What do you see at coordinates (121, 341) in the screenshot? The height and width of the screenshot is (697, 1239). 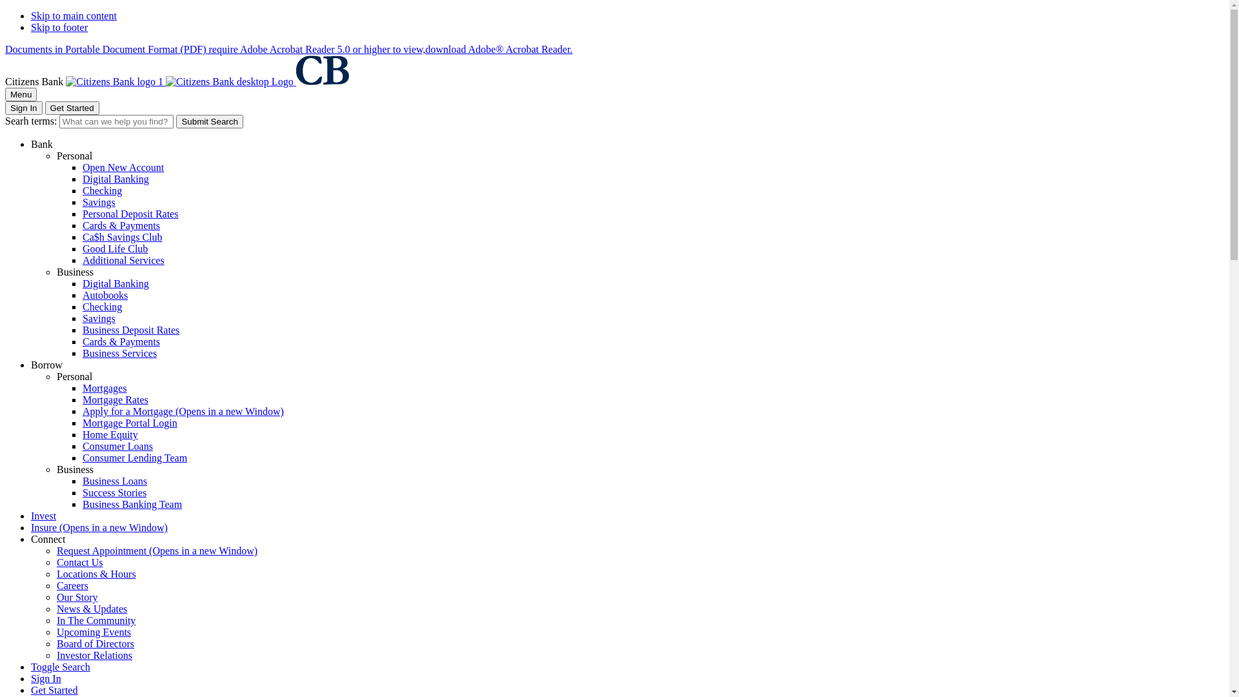 I see `'Cards & Payments'` at bounding box center [121, 341].